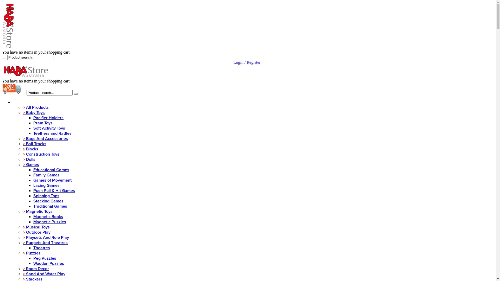  I want to click on '> Room Decor', so click(36, 269).